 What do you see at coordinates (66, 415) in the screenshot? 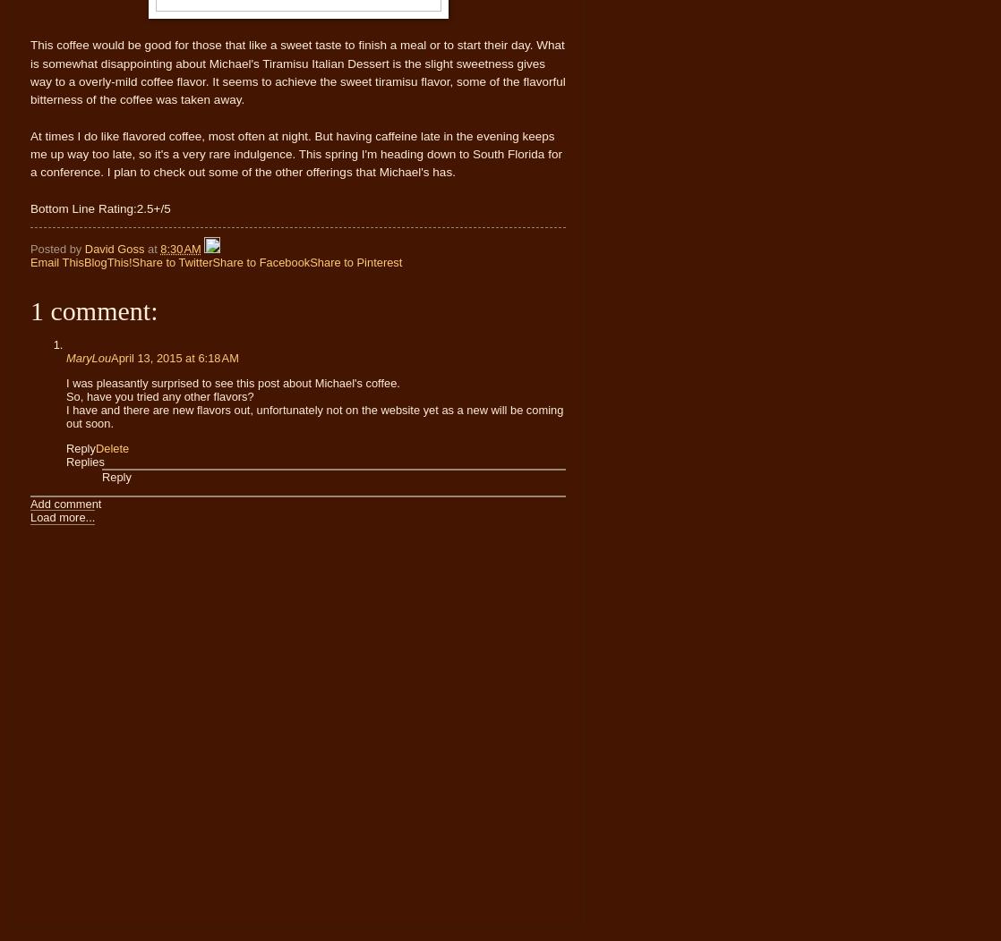
I see `'I have and there are new flavors out, unfortunately not on the website yet as a new will be coming out soon.'` at bounding box center [66, 415].